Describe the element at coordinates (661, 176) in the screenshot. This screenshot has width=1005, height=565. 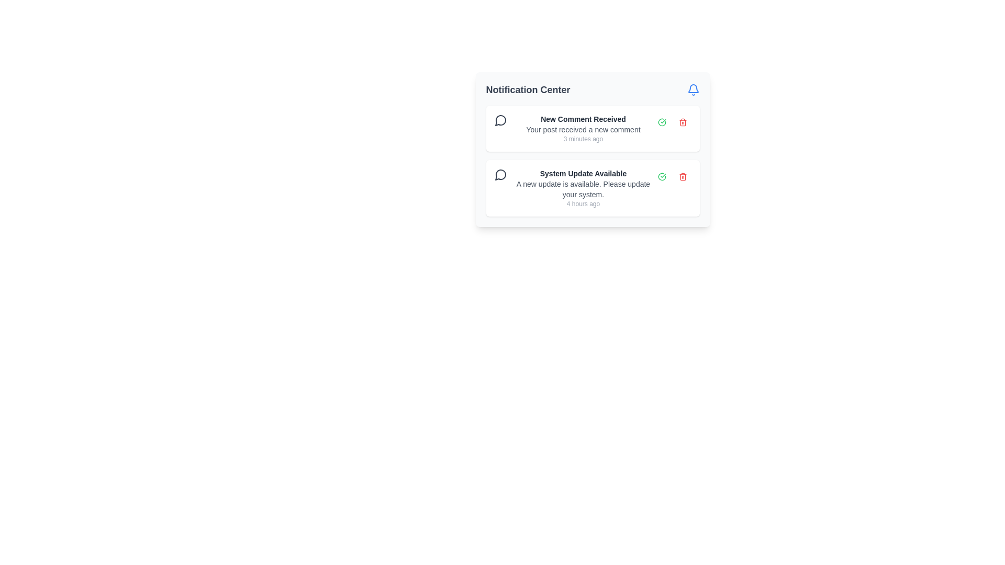
I see `the green circle-check SVG icon located in the second notification entry of the notification center to mark the notification as confirmed` at that location.